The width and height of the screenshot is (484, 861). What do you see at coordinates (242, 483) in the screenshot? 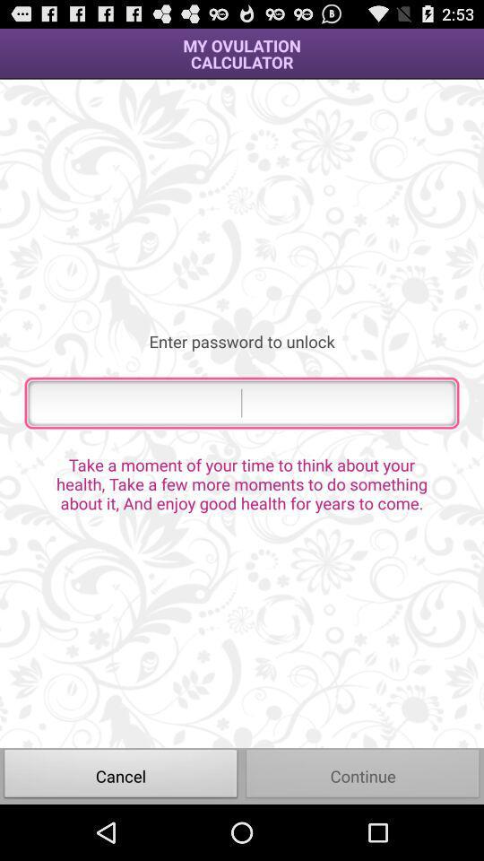
I see `the icon above cancel button` at bounding box center [242, 483].